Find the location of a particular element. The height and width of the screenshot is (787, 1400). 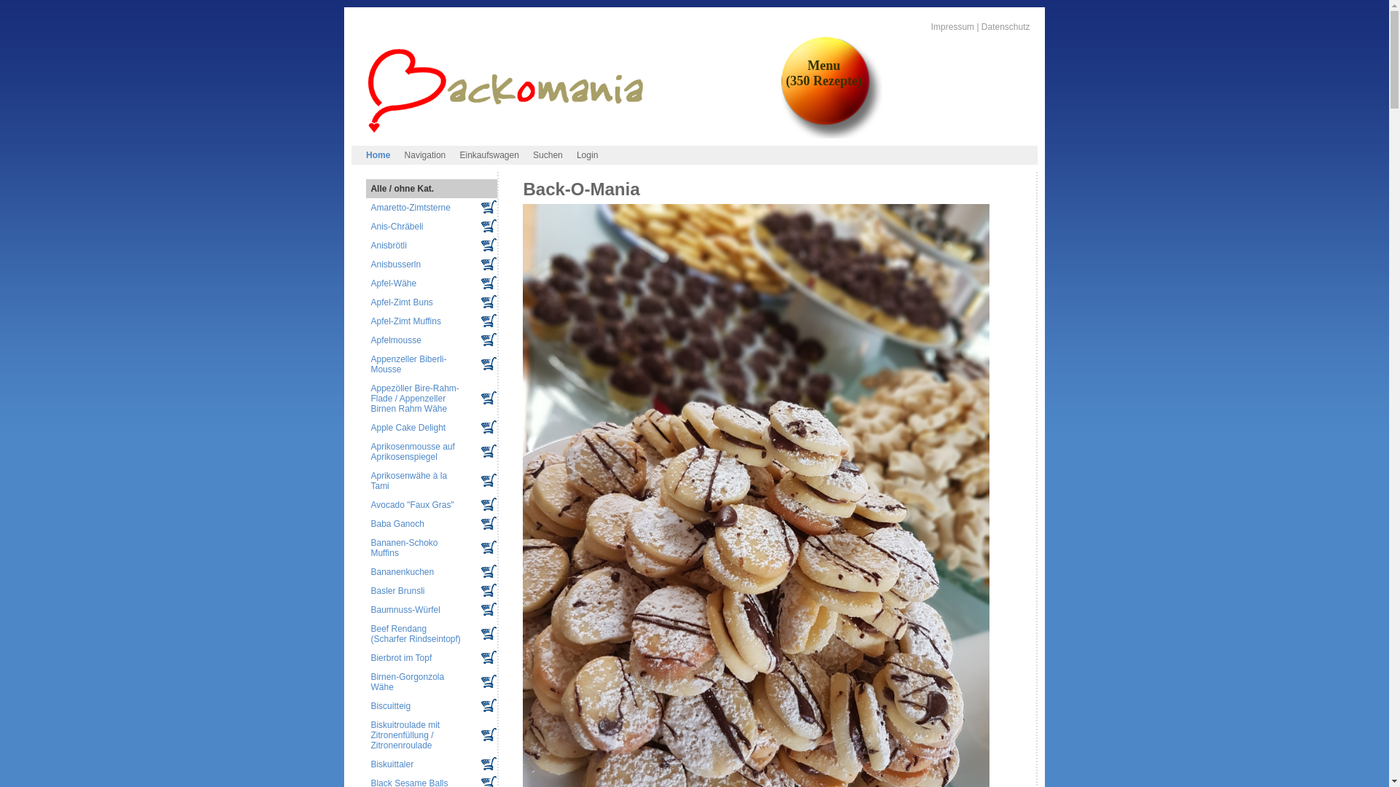

'Menu is located at coordinates (779, 73).